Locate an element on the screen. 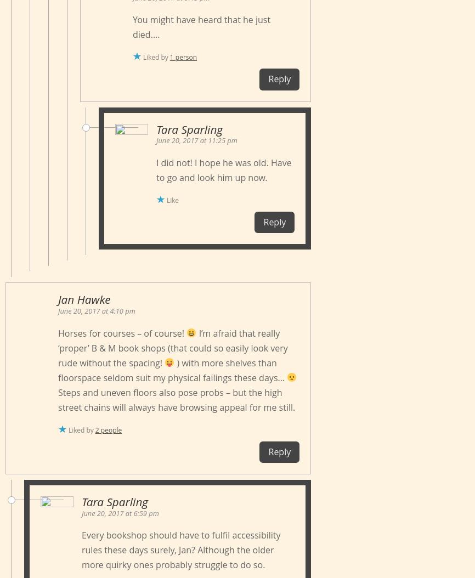 The height and width of the screenshot is (578, 475). 'Like' is located at coordinates (172, 200).